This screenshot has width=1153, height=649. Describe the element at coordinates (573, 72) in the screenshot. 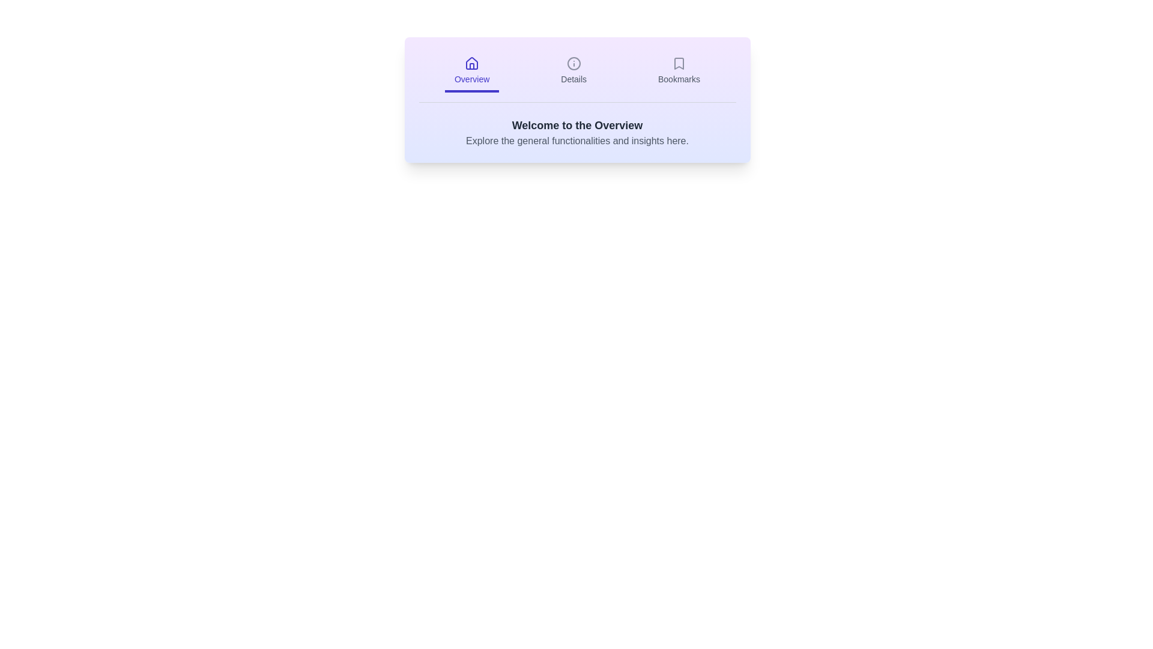

I see `the middle button in the navigation group` at that location.